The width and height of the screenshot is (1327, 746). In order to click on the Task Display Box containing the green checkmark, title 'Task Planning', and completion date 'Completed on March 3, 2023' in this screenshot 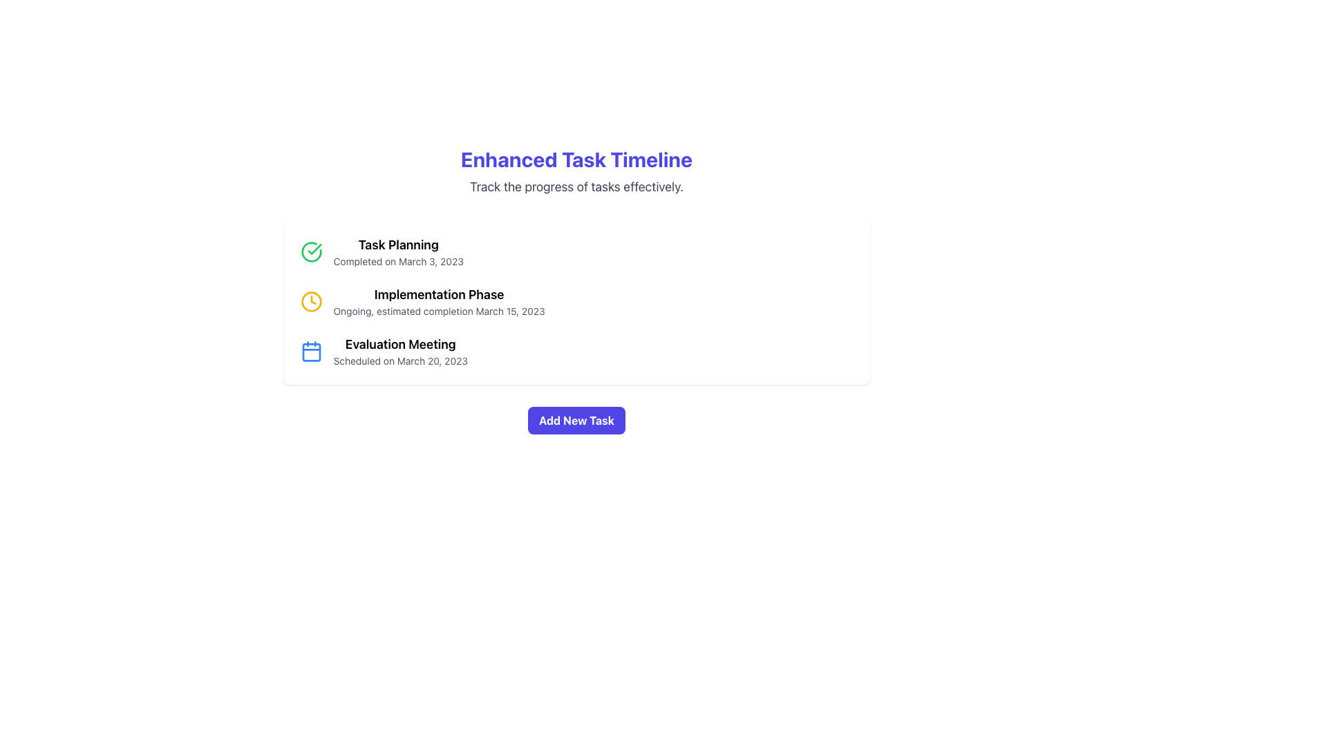, I will do `click(576, 252)`.